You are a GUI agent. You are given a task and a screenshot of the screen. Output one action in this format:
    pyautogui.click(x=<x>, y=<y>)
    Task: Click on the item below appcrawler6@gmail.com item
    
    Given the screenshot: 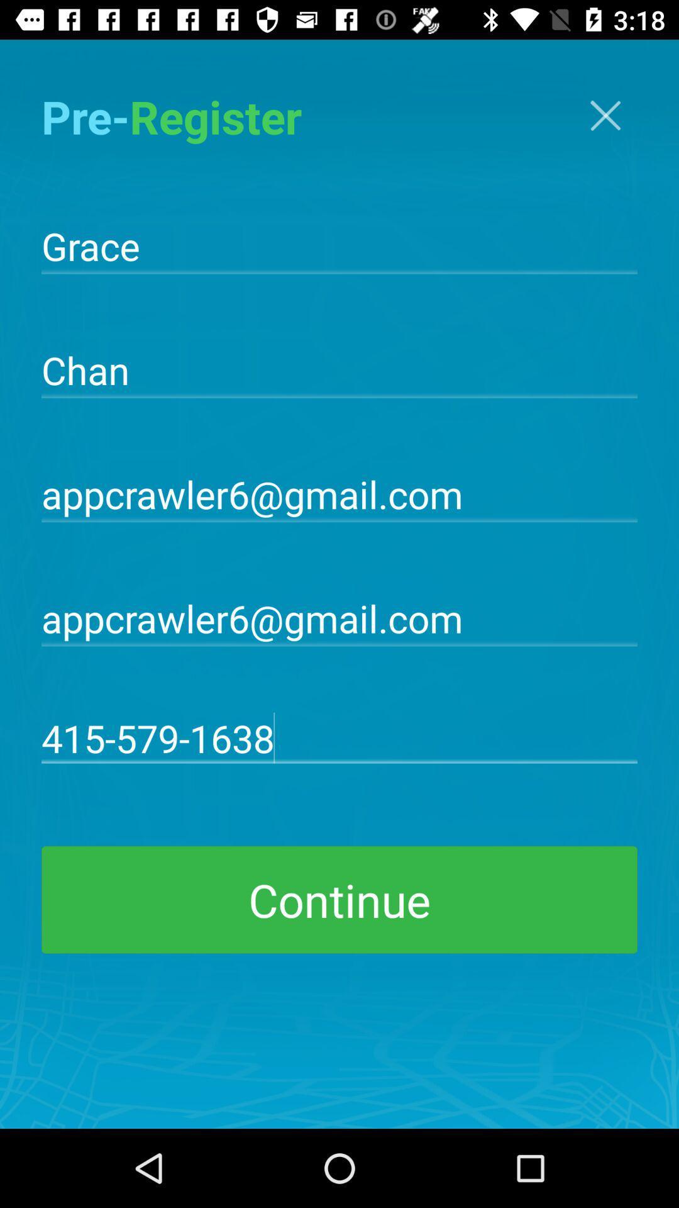 What is the action you would take?
    pyautogui.click(x=339, y=737)
    